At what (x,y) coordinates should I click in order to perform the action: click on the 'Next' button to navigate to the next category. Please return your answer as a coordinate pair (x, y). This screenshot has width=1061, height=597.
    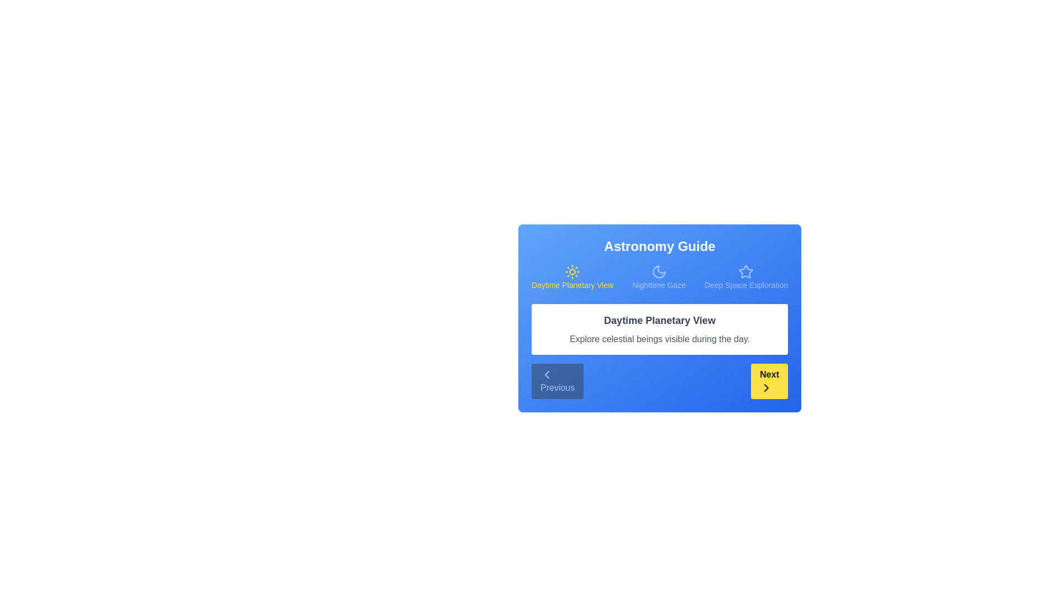
    Looking at the image, I should click on (769, 381).